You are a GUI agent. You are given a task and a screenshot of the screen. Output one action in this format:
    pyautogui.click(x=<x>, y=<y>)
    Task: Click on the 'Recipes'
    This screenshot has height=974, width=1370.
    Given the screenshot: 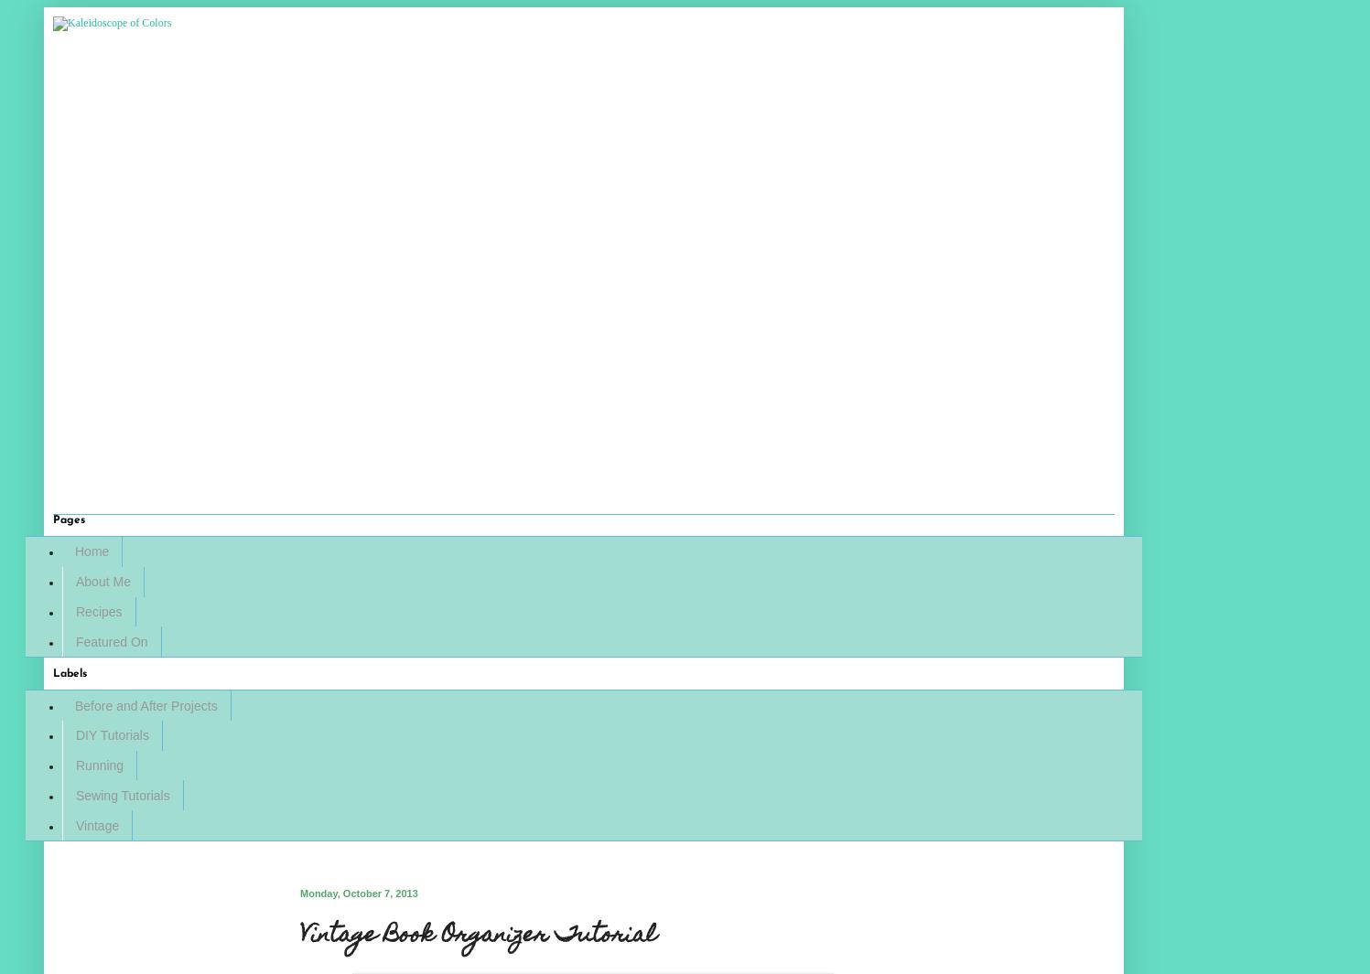 What is the action you would take?
    pyautogui.click(x=98, y=610)
    